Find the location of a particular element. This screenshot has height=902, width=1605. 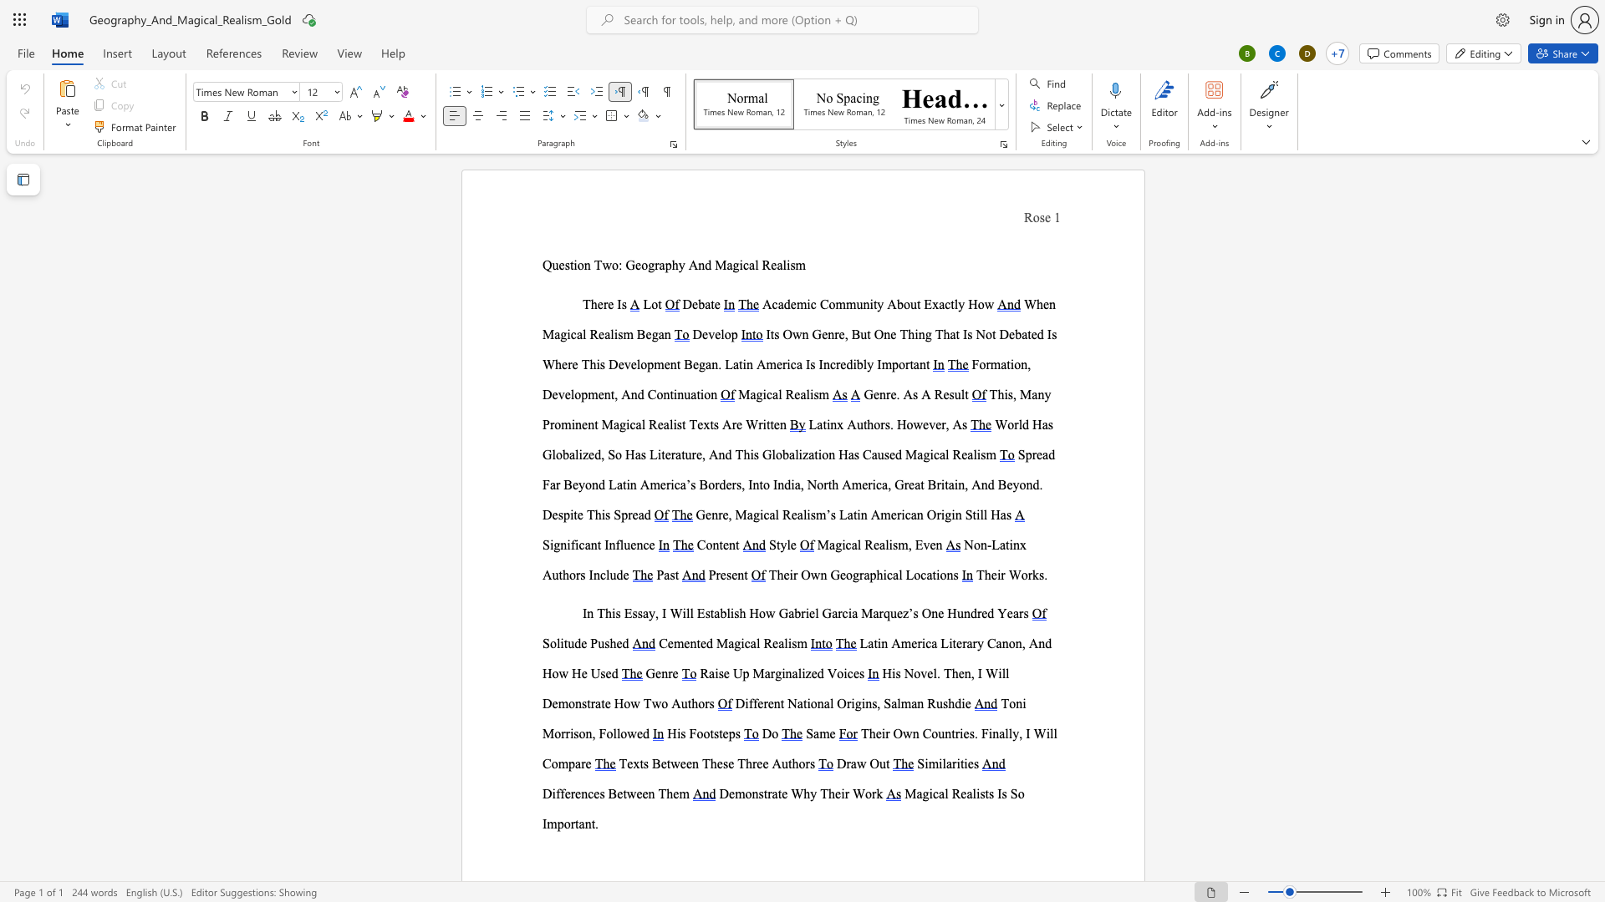

the space between the continuous character "g" and "i" in the text is located at coordinates (761, 394).